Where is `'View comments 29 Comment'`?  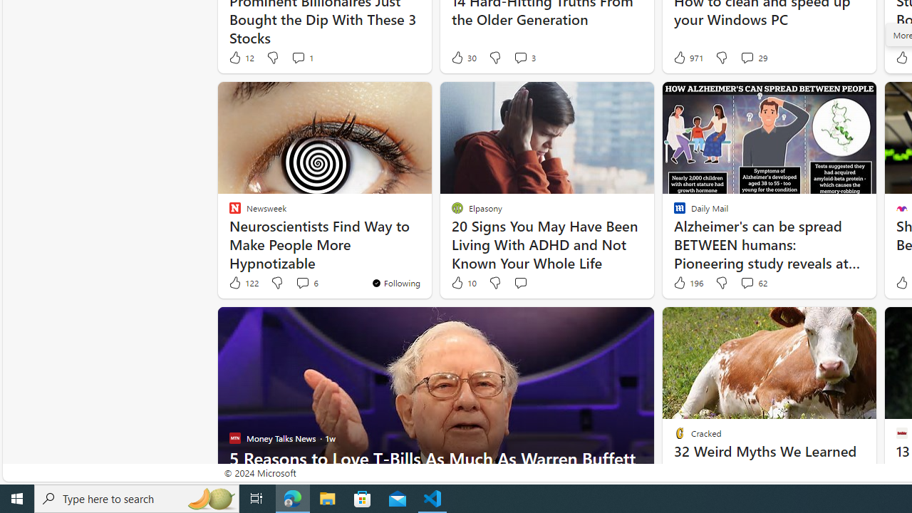 'View comments 29 Comment' is located at coordinates (746, 57).